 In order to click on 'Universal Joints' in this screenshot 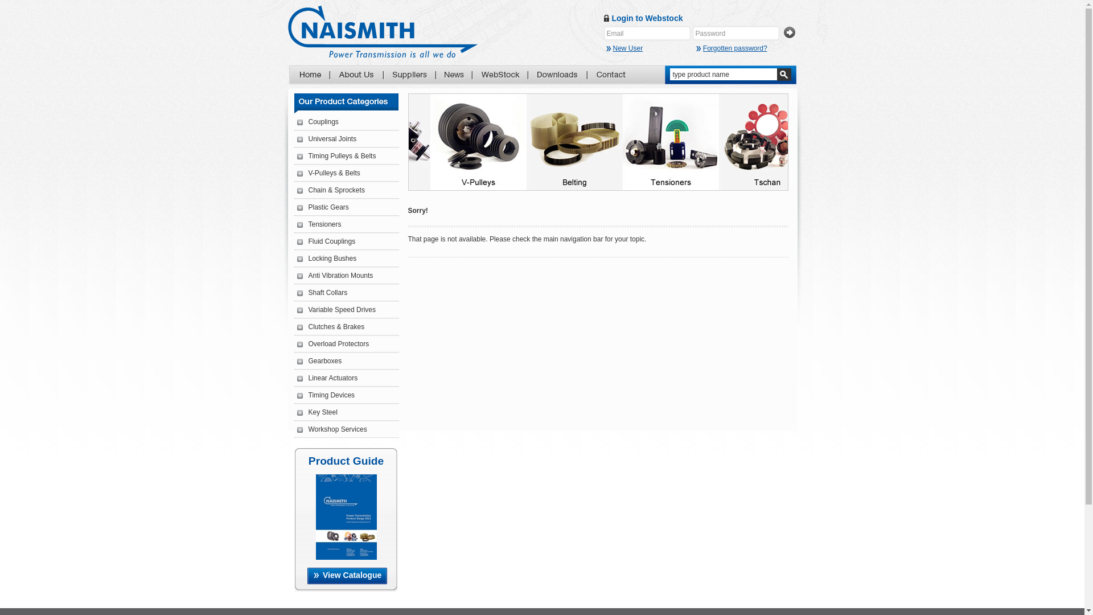, I will do `click(326, 138)`.